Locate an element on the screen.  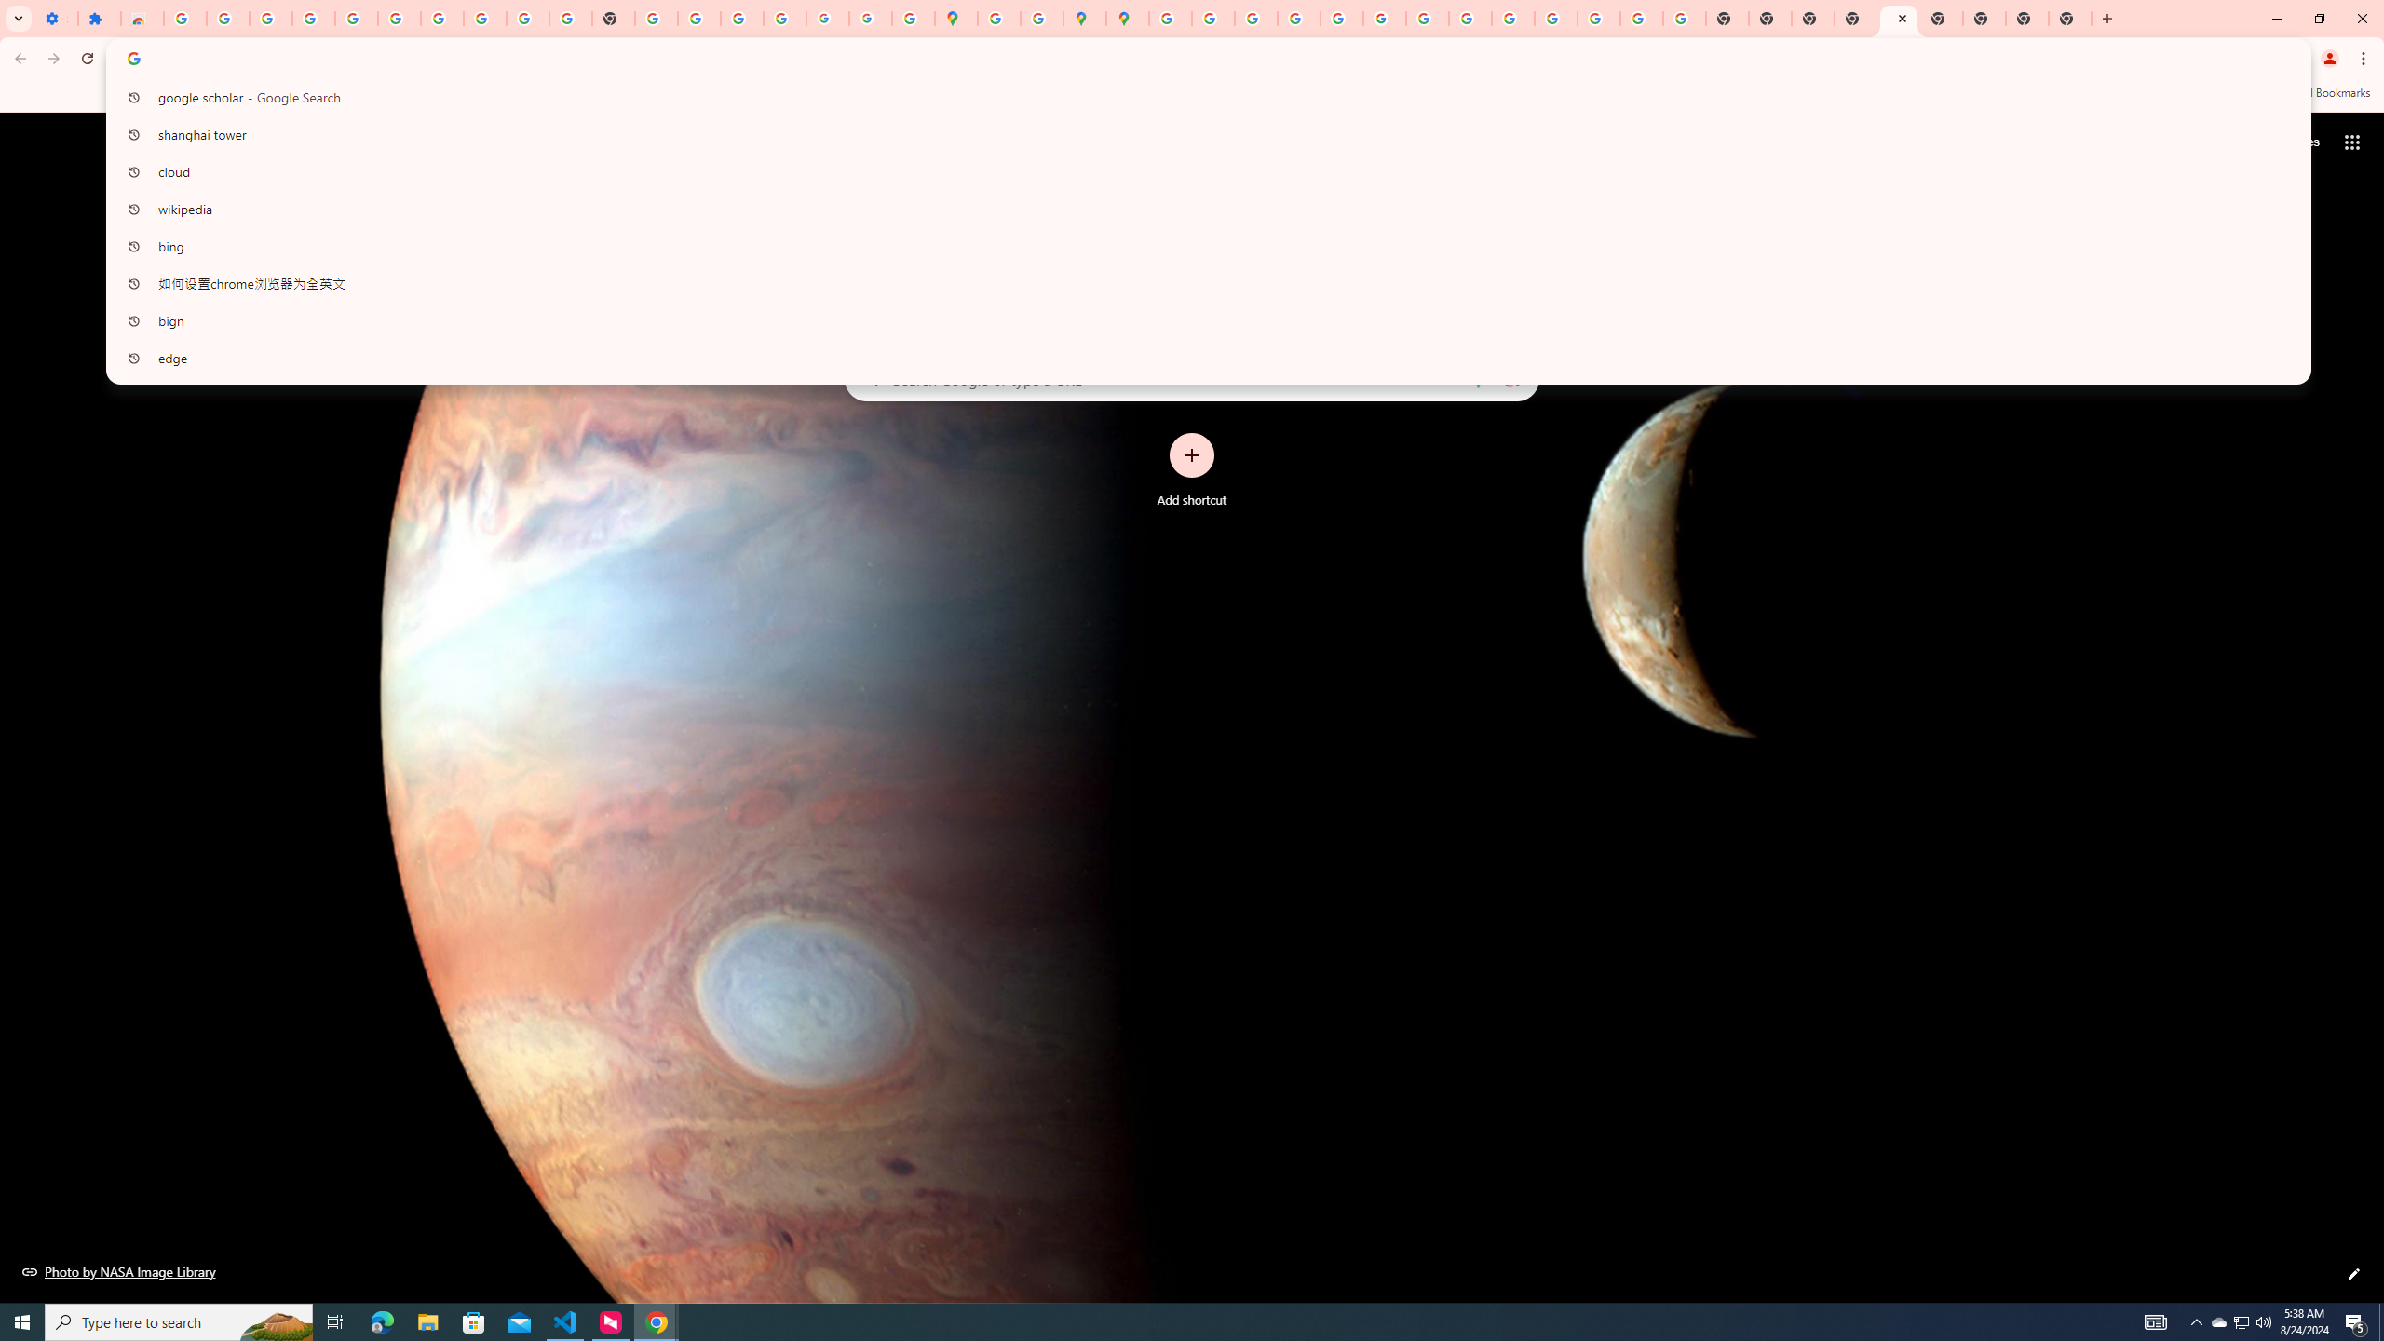
'Search Google or type a URL' is located at coordinates (1192, 377).